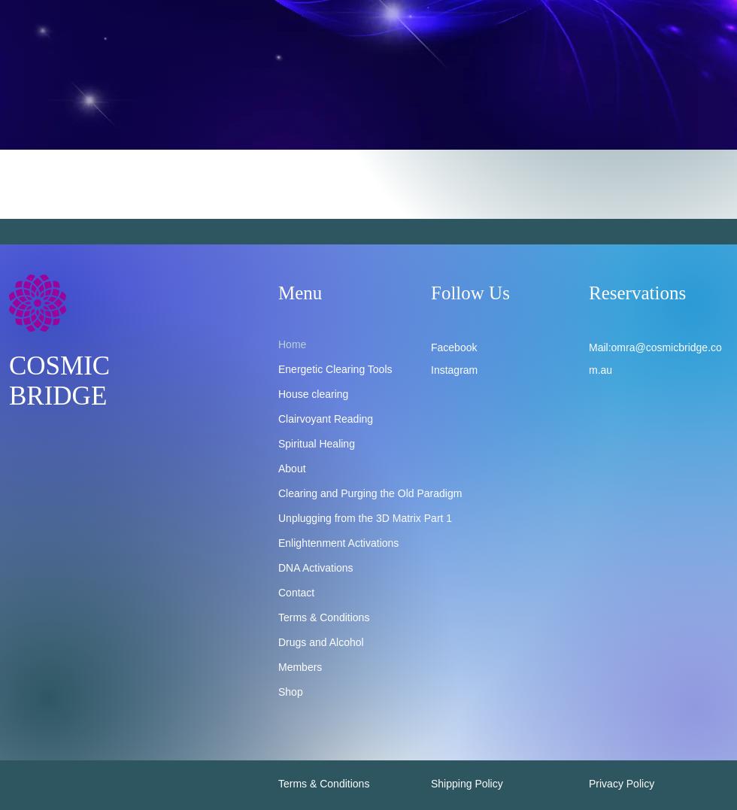 The width and height of the screenshot is (737, 810). Describe the element at coordinates (313, 393) in the screenshot. I see `'House clearing'` at that location.